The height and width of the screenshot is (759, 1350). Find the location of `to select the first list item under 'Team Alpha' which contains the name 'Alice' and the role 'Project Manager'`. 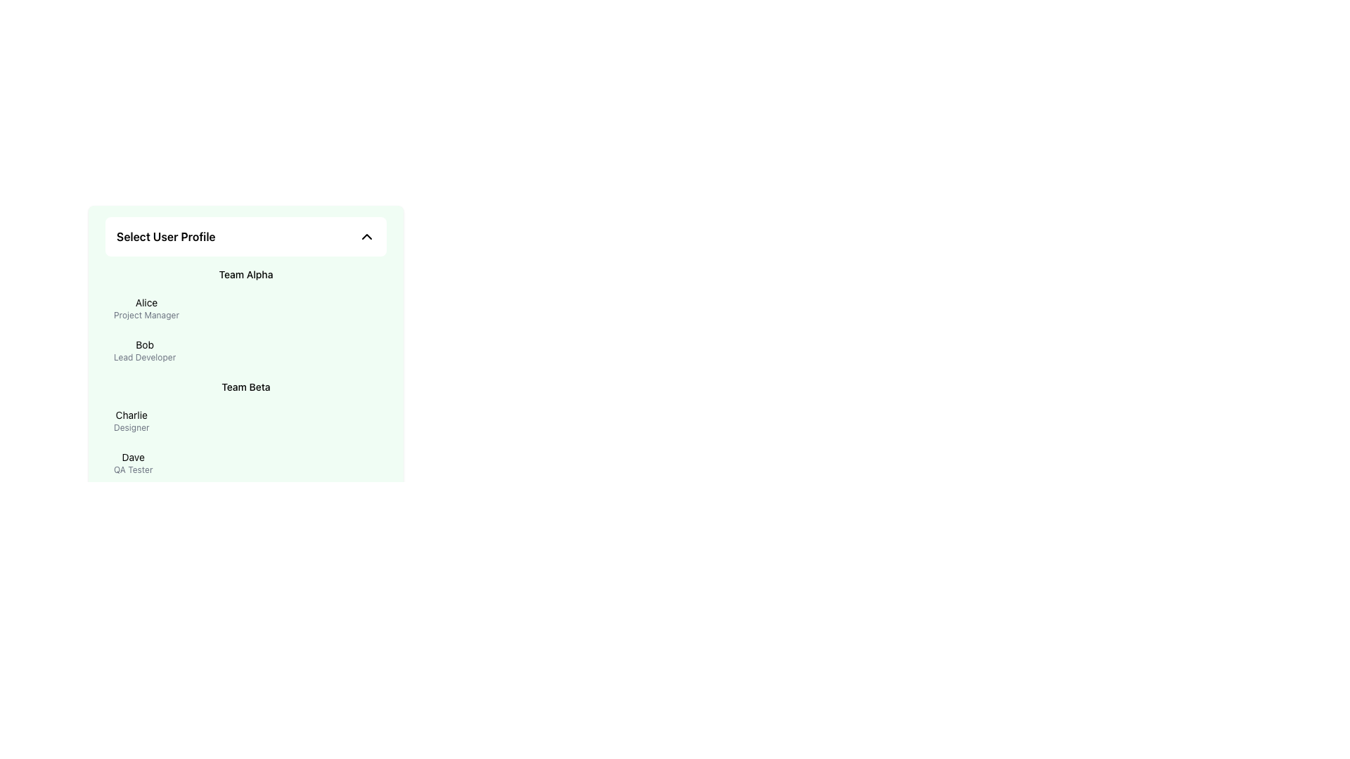

to select the first list item under 'Team Alpha' which contains the name 'Alice' and the role 'Project Manager' is located at coordinates (246, 308).